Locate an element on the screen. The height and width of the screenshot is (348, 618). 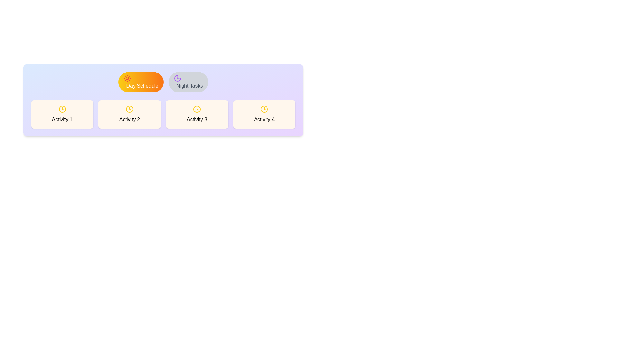
the text Activity 4 within the content is located at coordinates (264, 114).